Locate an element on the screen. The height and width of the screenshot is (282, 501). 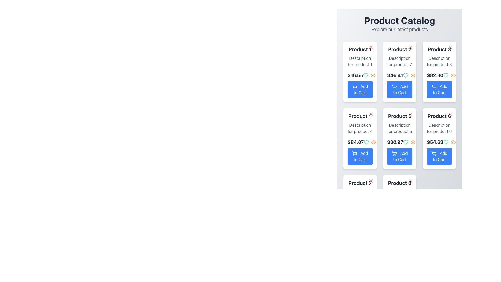
the eye icon on the first product card in the catalog is located at coordinates (360, 72).